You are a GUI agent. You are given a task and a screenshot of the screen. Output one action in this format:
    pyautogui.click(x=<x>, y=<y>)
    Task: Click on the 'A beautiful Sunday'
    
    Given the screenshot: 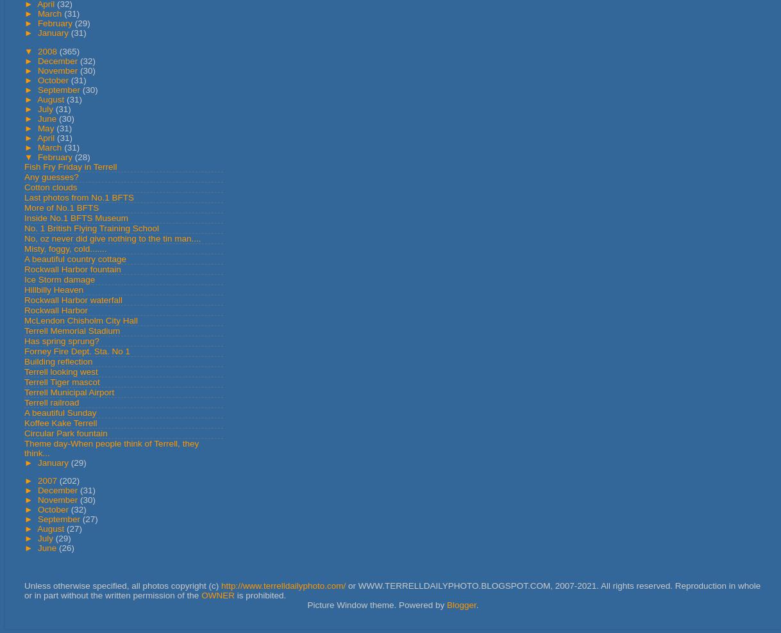 What is the action you would take?
    pyautogui.click(x=60, y=411)
    